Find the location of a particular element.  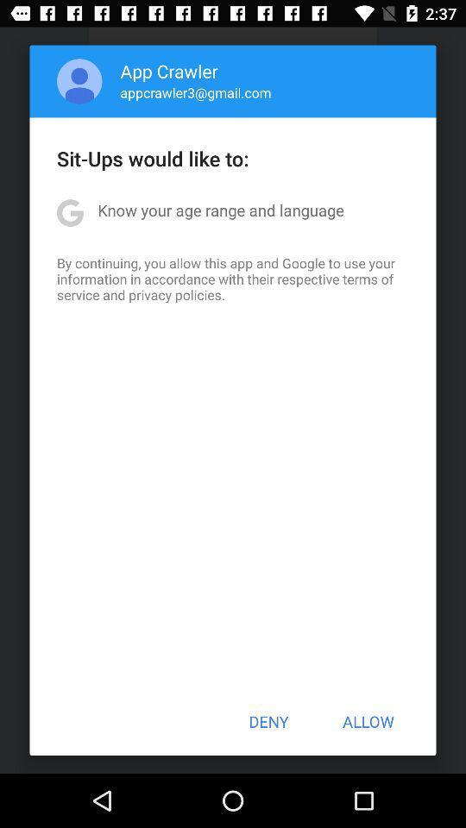

the app below app crawler item is located at coordinates (195, 92).